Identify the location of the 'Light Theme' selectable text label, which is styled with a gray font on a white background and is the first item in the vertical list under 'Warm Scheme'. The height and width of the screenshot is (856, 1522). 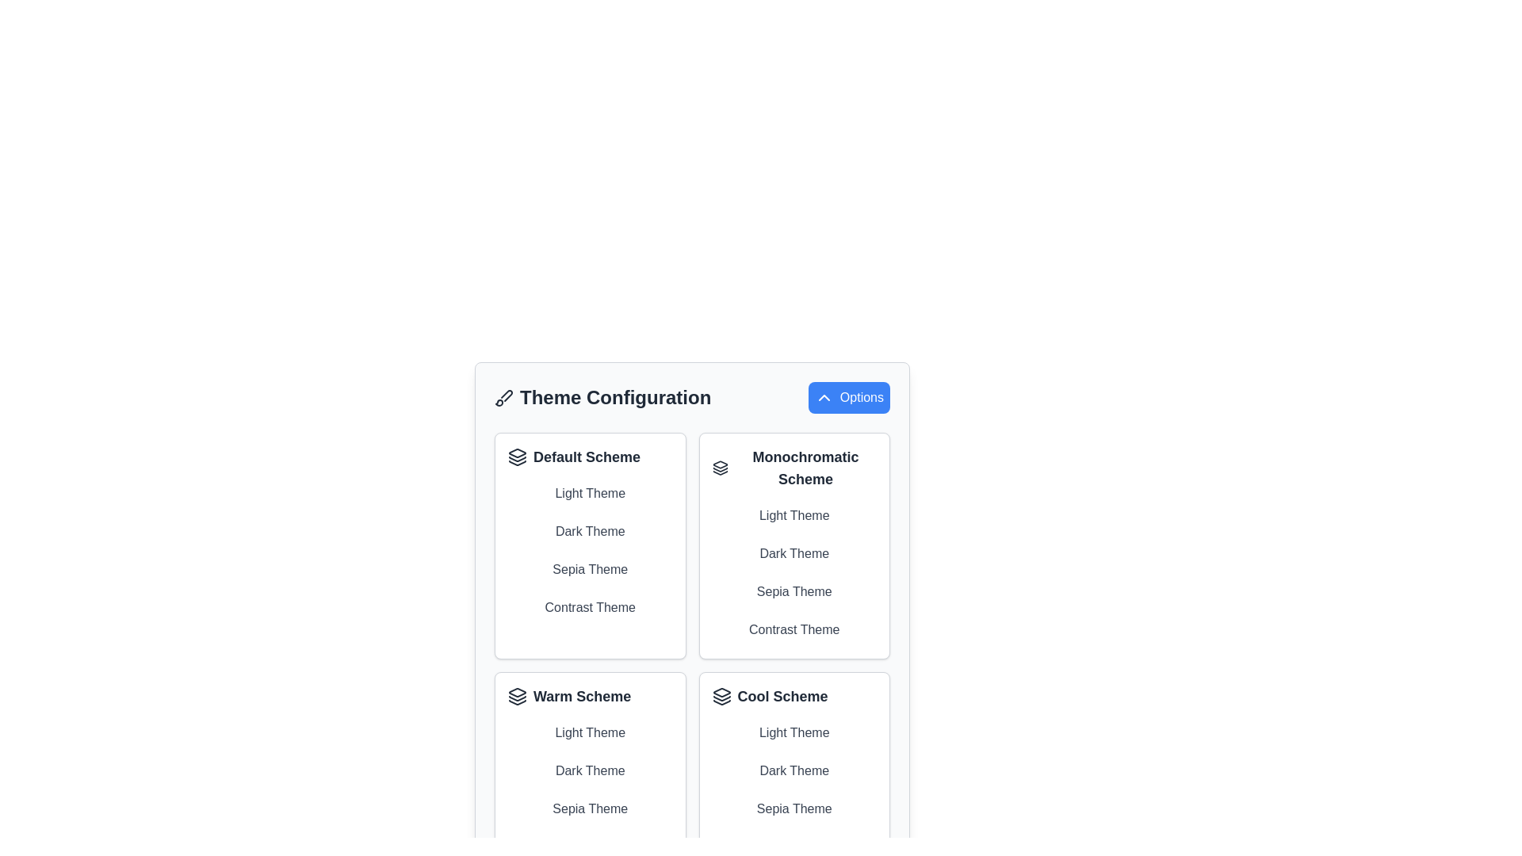
(589, 733).